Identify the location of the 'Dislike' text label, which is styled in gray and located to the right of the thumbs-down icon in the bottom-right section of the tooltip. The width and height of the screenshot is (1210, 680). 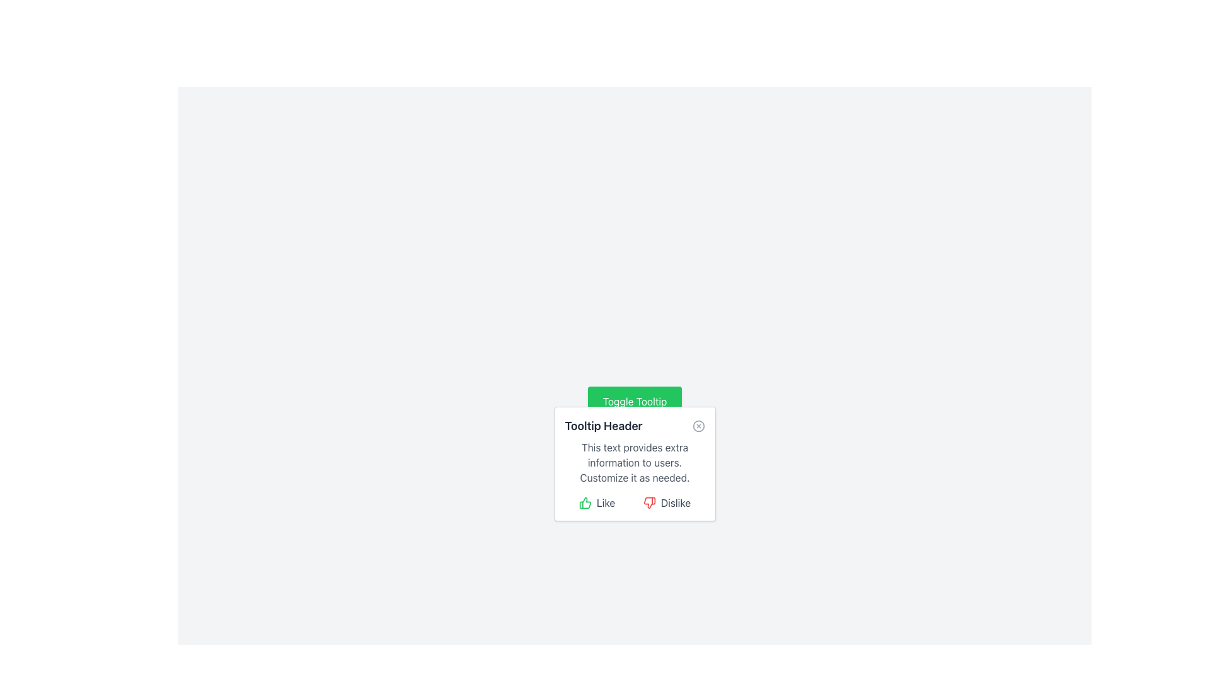
(675, 502).